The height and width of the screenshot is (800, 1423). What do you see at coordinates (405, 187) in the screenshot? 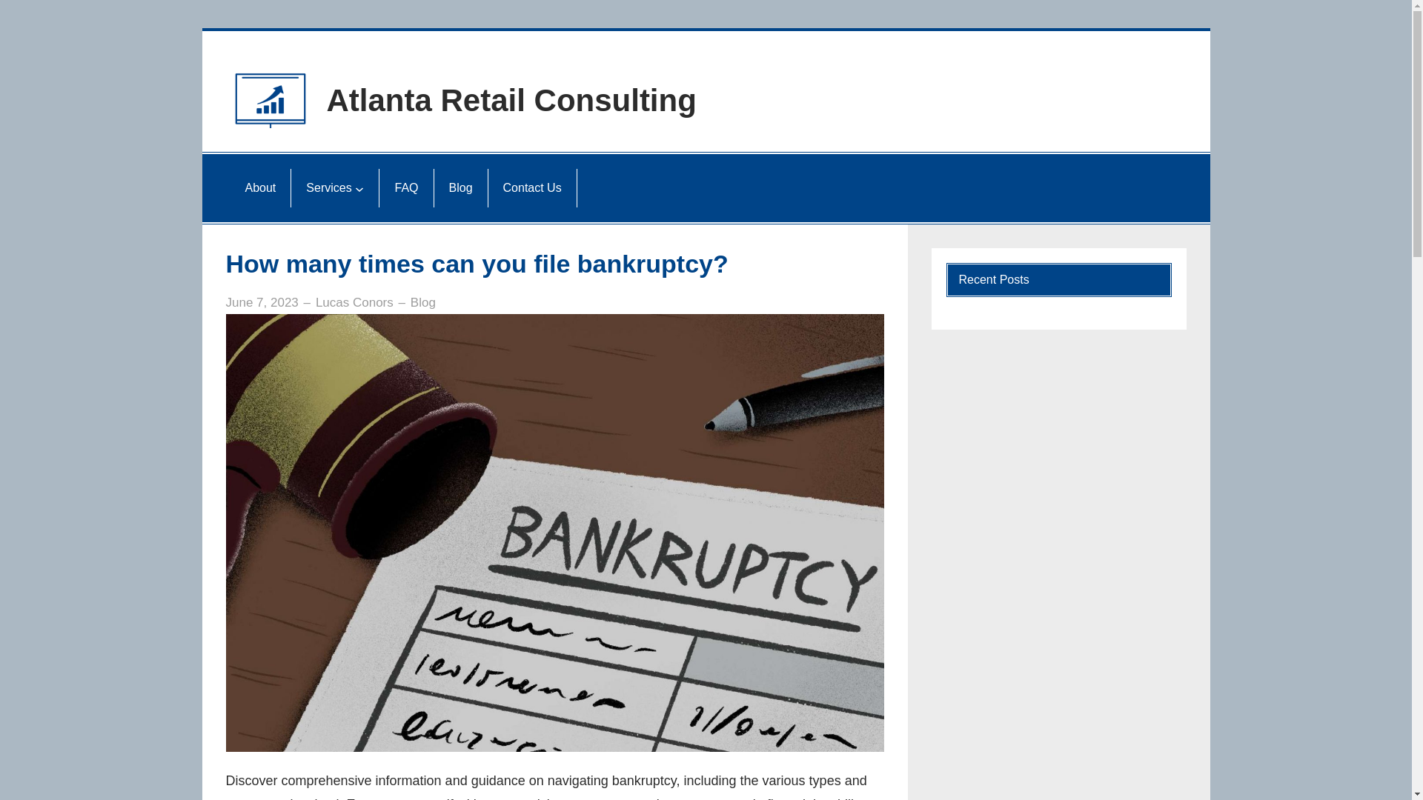
I see `'FAQ'` at bounding box center [405, 187].